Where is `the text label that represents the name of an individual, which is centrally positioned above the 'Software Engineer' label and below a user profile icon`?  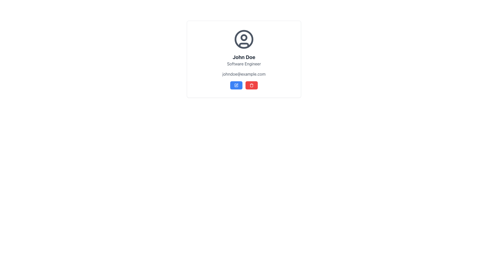 the text label that represents the name of an individual, which is centrally positioned above the 'Software Engineer' label and below a user profile icon is located at coordinates (243, 57).